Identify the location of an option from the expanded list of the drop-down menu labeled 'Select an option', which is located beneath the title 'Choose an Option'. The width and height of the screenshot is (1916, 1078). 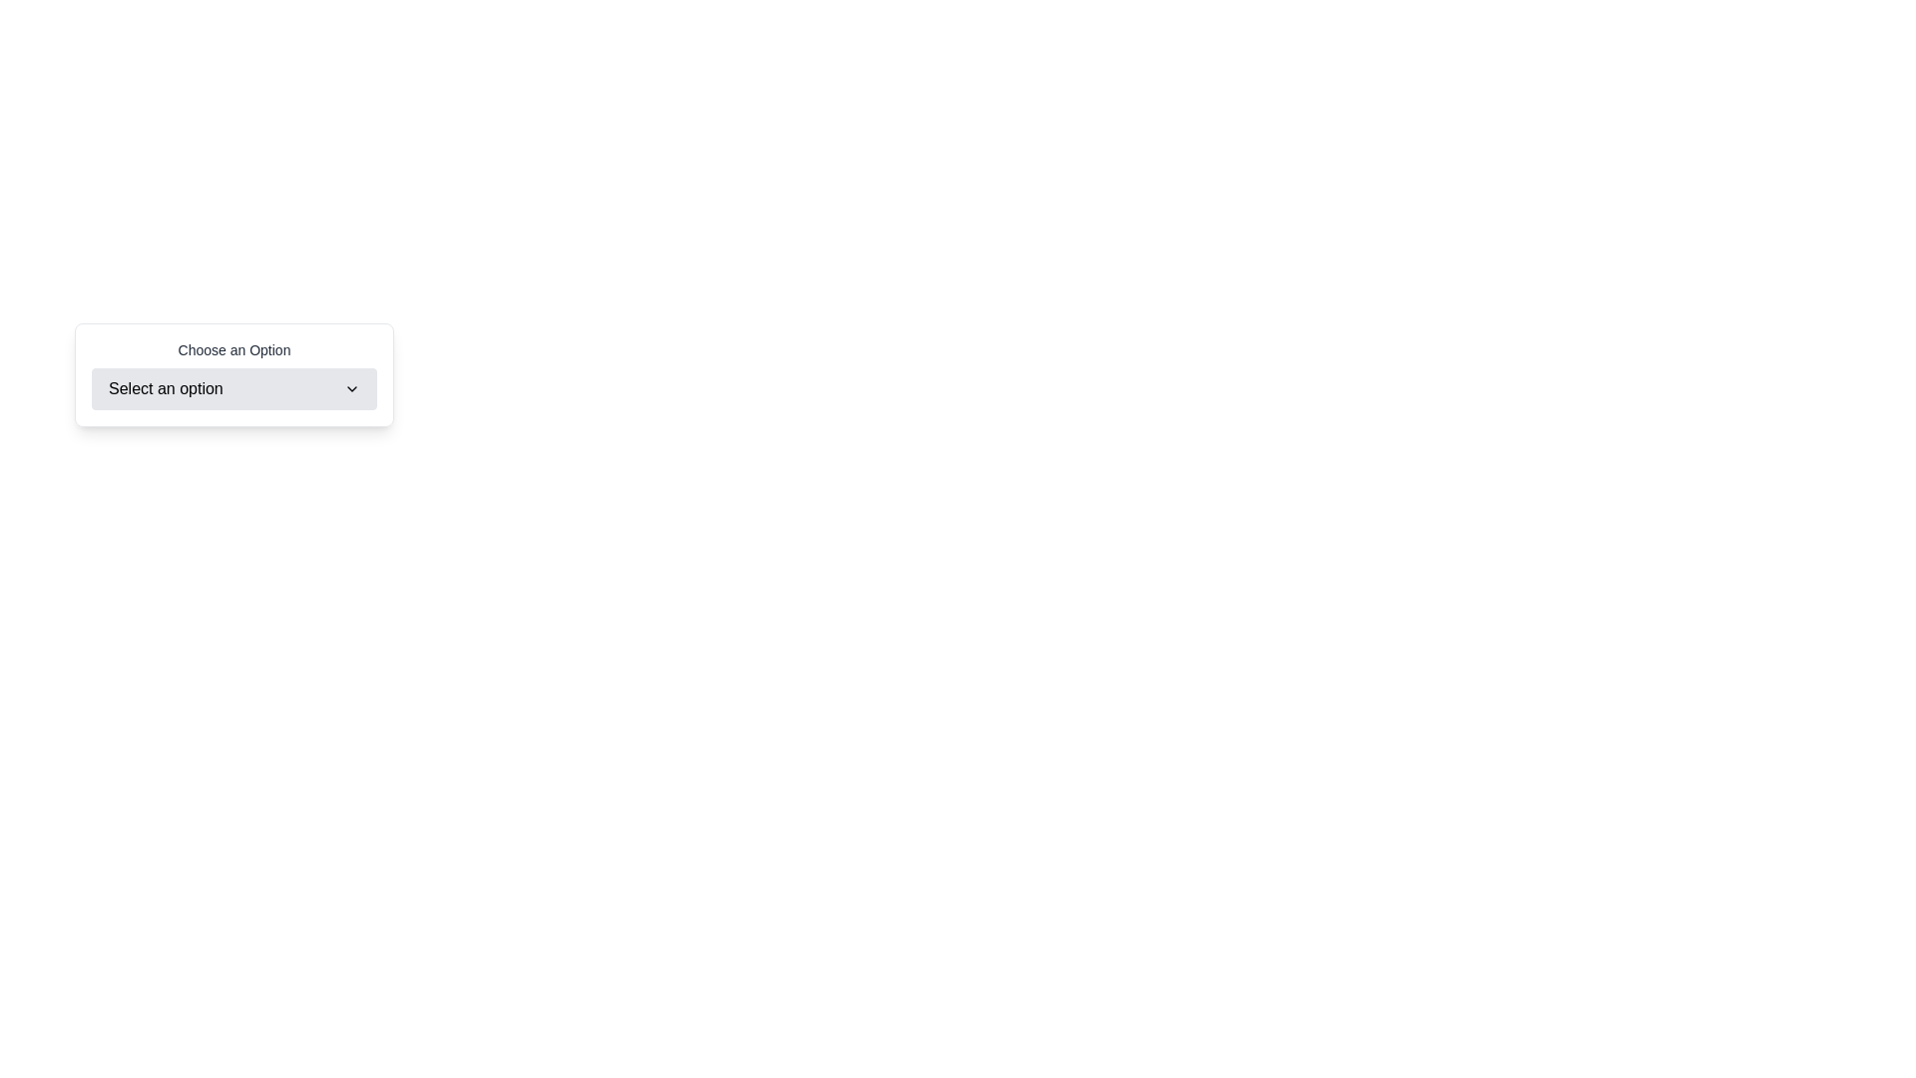
(235, 388).